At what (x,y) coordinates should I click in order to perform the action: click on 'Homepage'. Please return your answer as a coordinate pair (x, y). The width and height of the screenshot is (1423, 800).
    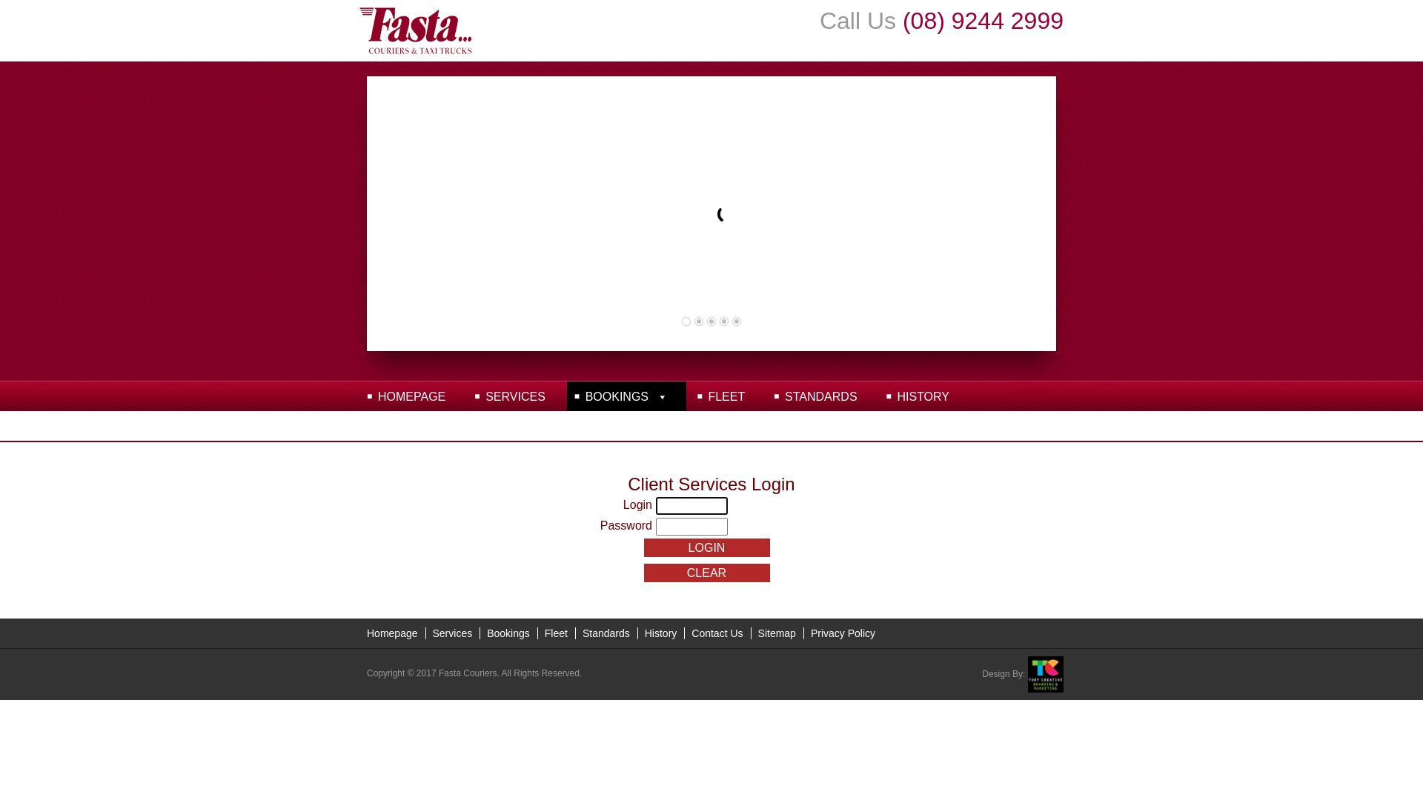
    Looking at the image, I should click on (392, 633).